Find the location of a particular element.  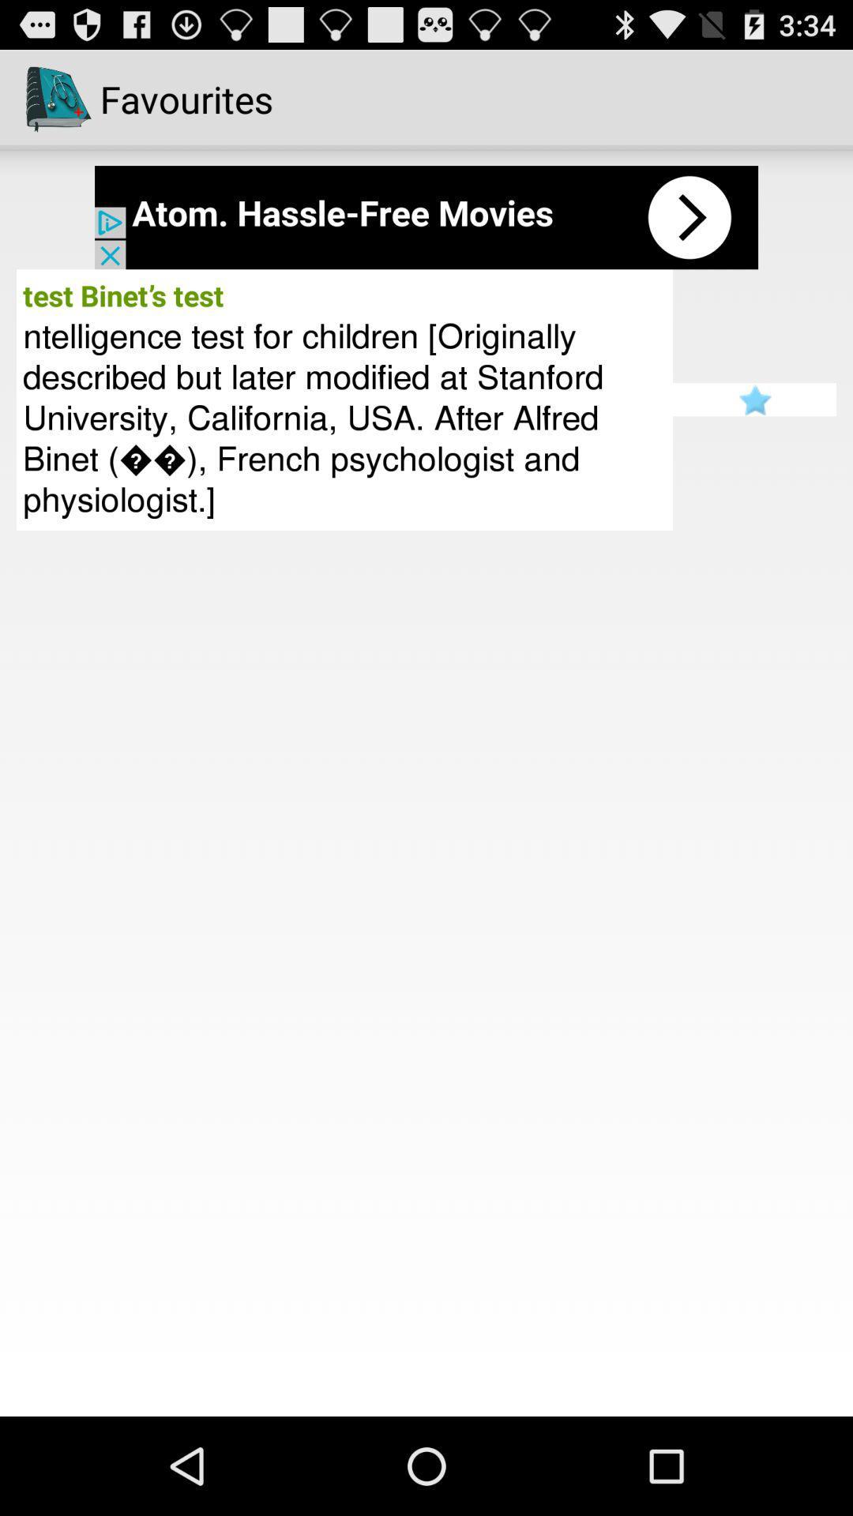

to favorites is located at coordinates (753, 400).